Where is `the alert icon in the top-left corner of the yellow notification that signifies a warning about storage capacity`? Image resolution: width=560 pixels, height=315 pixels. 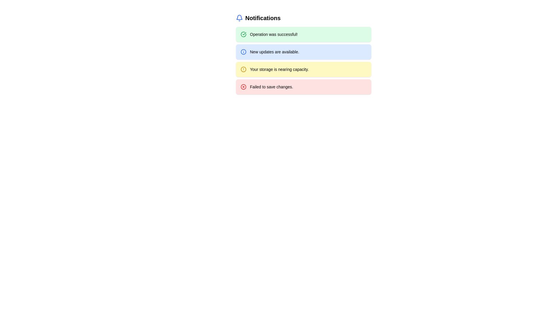
the alert icon in the top-left corner of the yellow notification that signifies a warning about storage capacity is located at coordinates (244, 69).